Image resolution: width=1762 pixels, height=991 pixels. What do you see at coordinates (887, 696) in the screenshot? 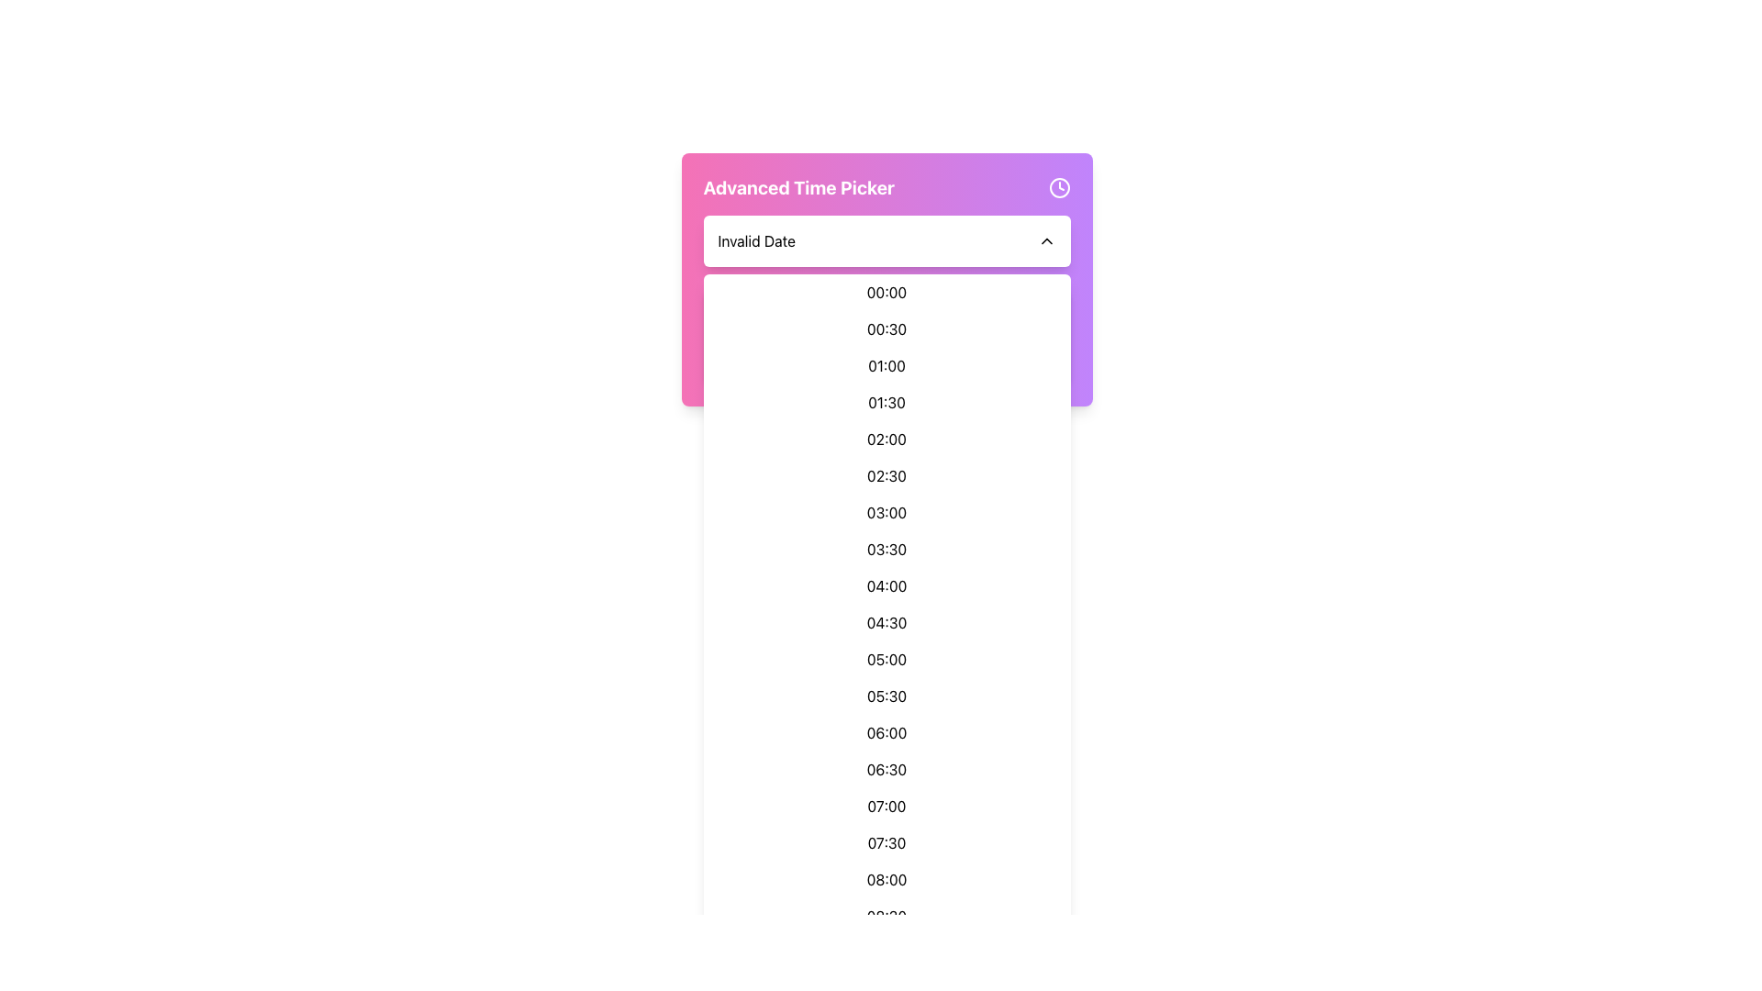
I see `the dropdown menu item that represents the time option '05:30' located as the 12th item in a vertical list of time selections` at bounding box center [887, 696].